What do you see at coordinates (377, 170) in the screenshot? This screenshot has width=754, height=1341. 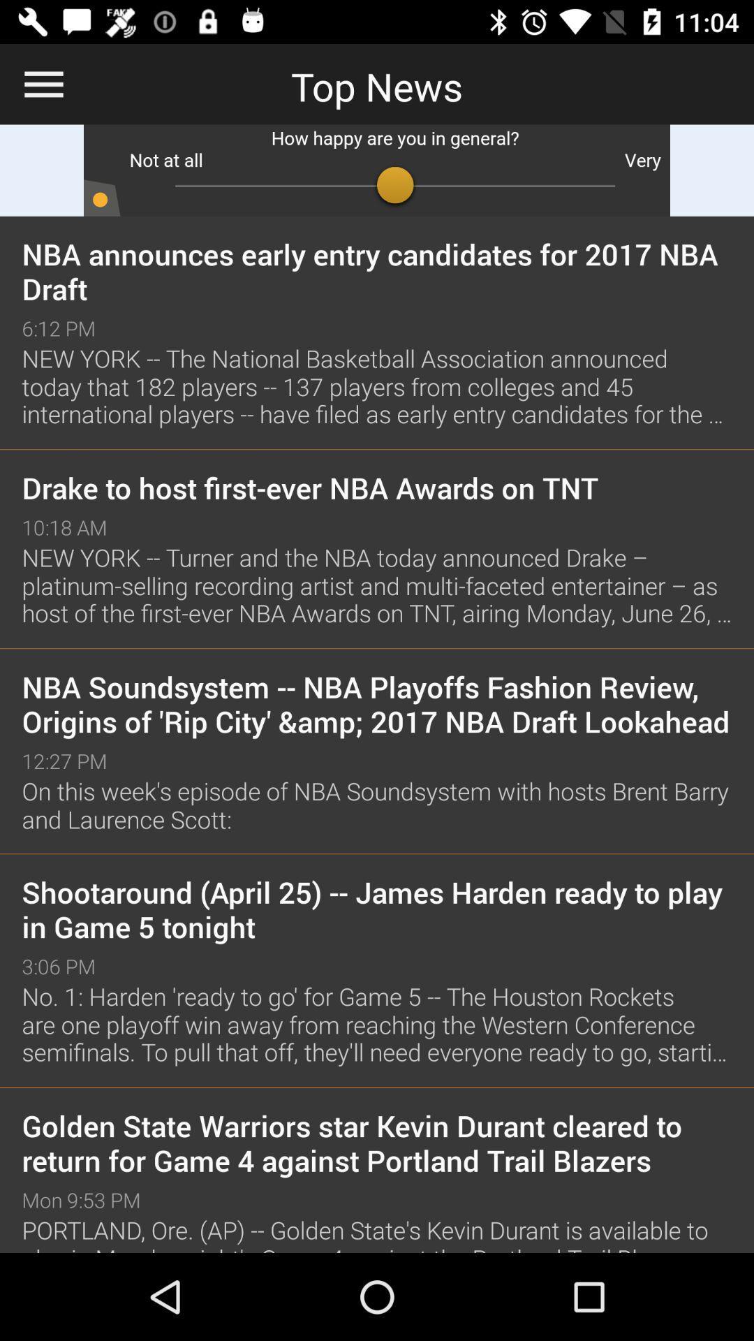 I see `sports` at bounding box center [377, 170].